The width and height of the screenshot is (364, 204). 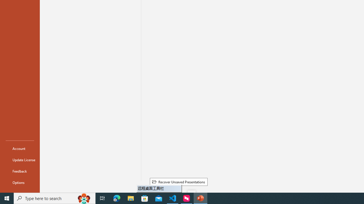 I want to click on 'Account', so click(x=20, y=148).